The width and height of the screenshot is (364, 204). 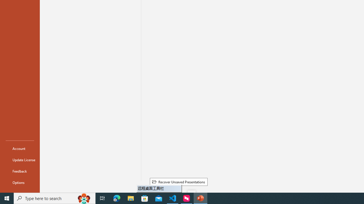 I want to click on 'Account', so click(x=20, y=148).